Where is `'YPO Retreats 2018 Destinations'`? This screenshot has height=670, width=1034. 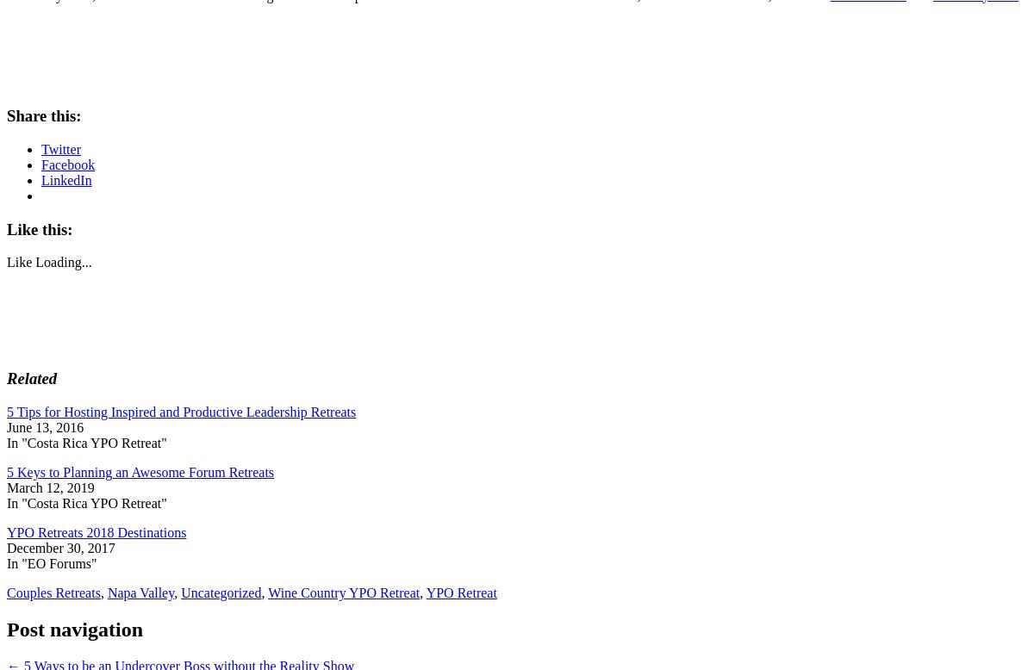
'YPO Retreats 2018 Destinations' is located at coordinates (96, 530).